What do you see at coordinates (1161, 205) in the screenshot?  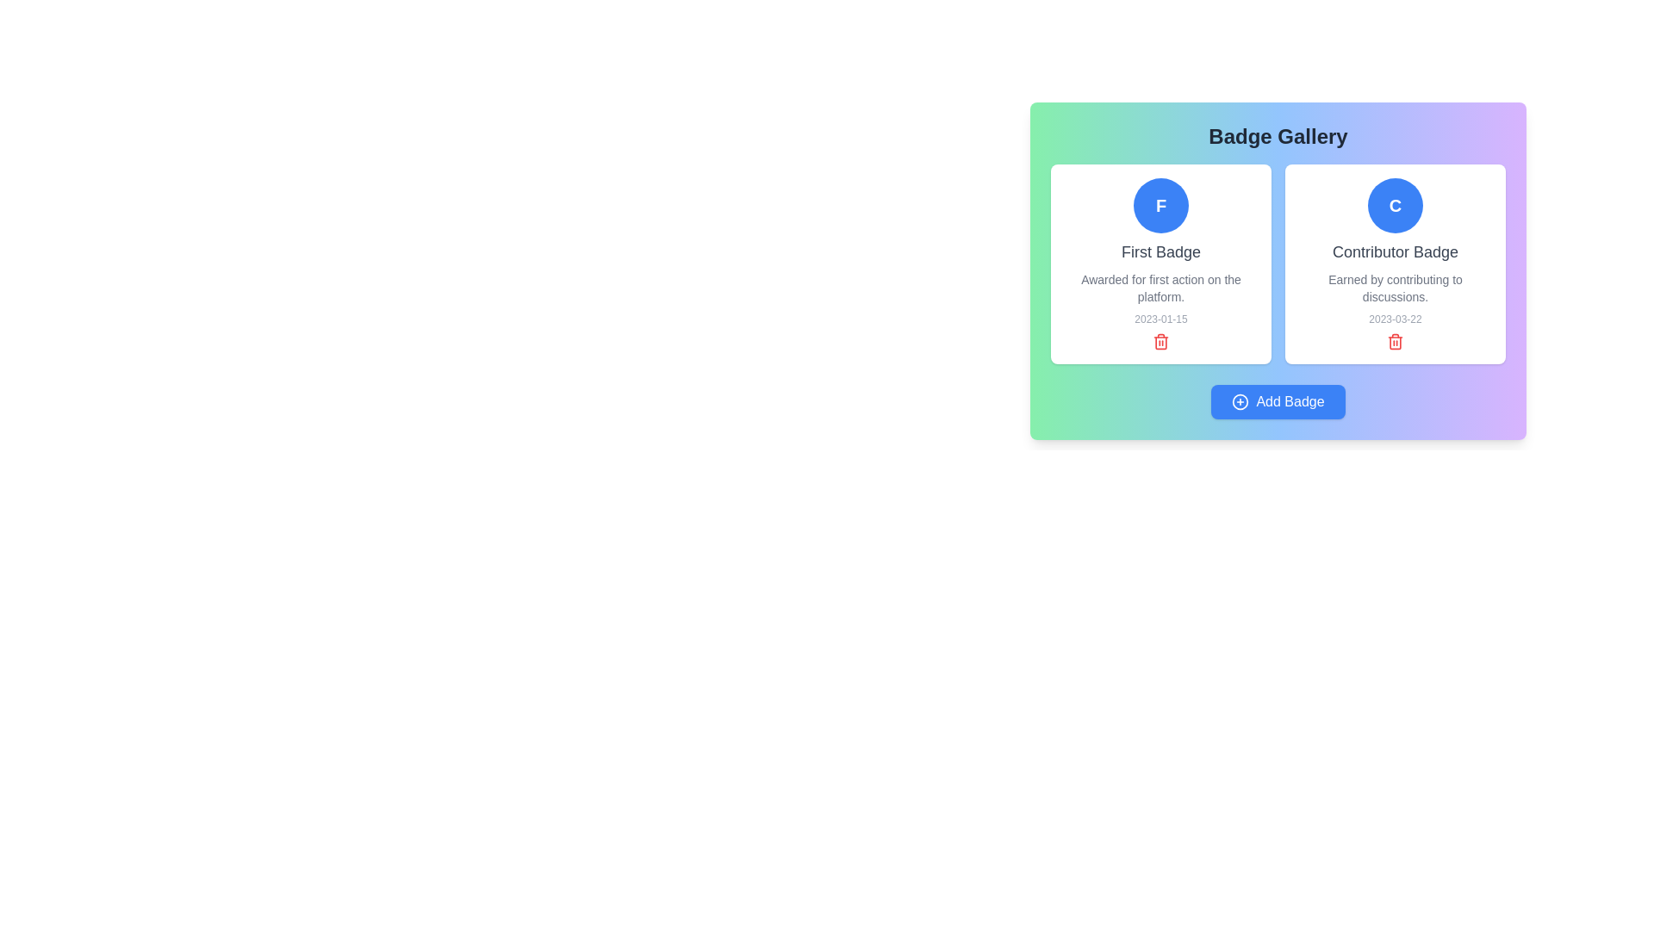 I see `the text content representing the initial of the badge's name 'First Badge' within the circular icon at the top-left of the badge gallery` at bounding box center [1161, 205].